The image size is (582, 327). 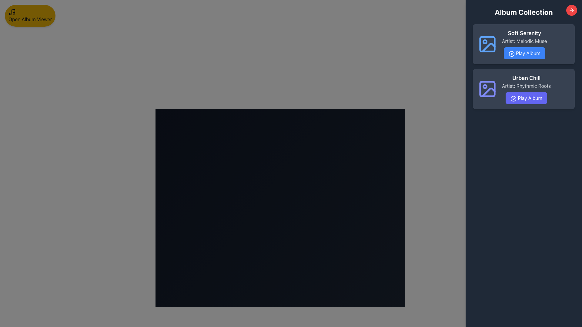 I want to click on the circular play icon inside the 'Play Album' button for the 'Soft Serenity' album in the 'Album Collection' pane, so click(x=511, y=53).